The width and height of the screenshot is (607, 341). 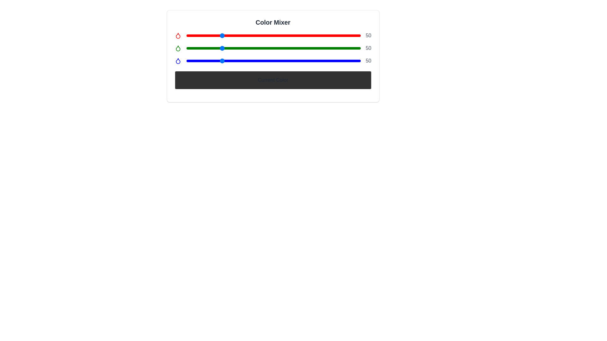 I want to click on the green color slider to 70, so click(x=234, y=48).